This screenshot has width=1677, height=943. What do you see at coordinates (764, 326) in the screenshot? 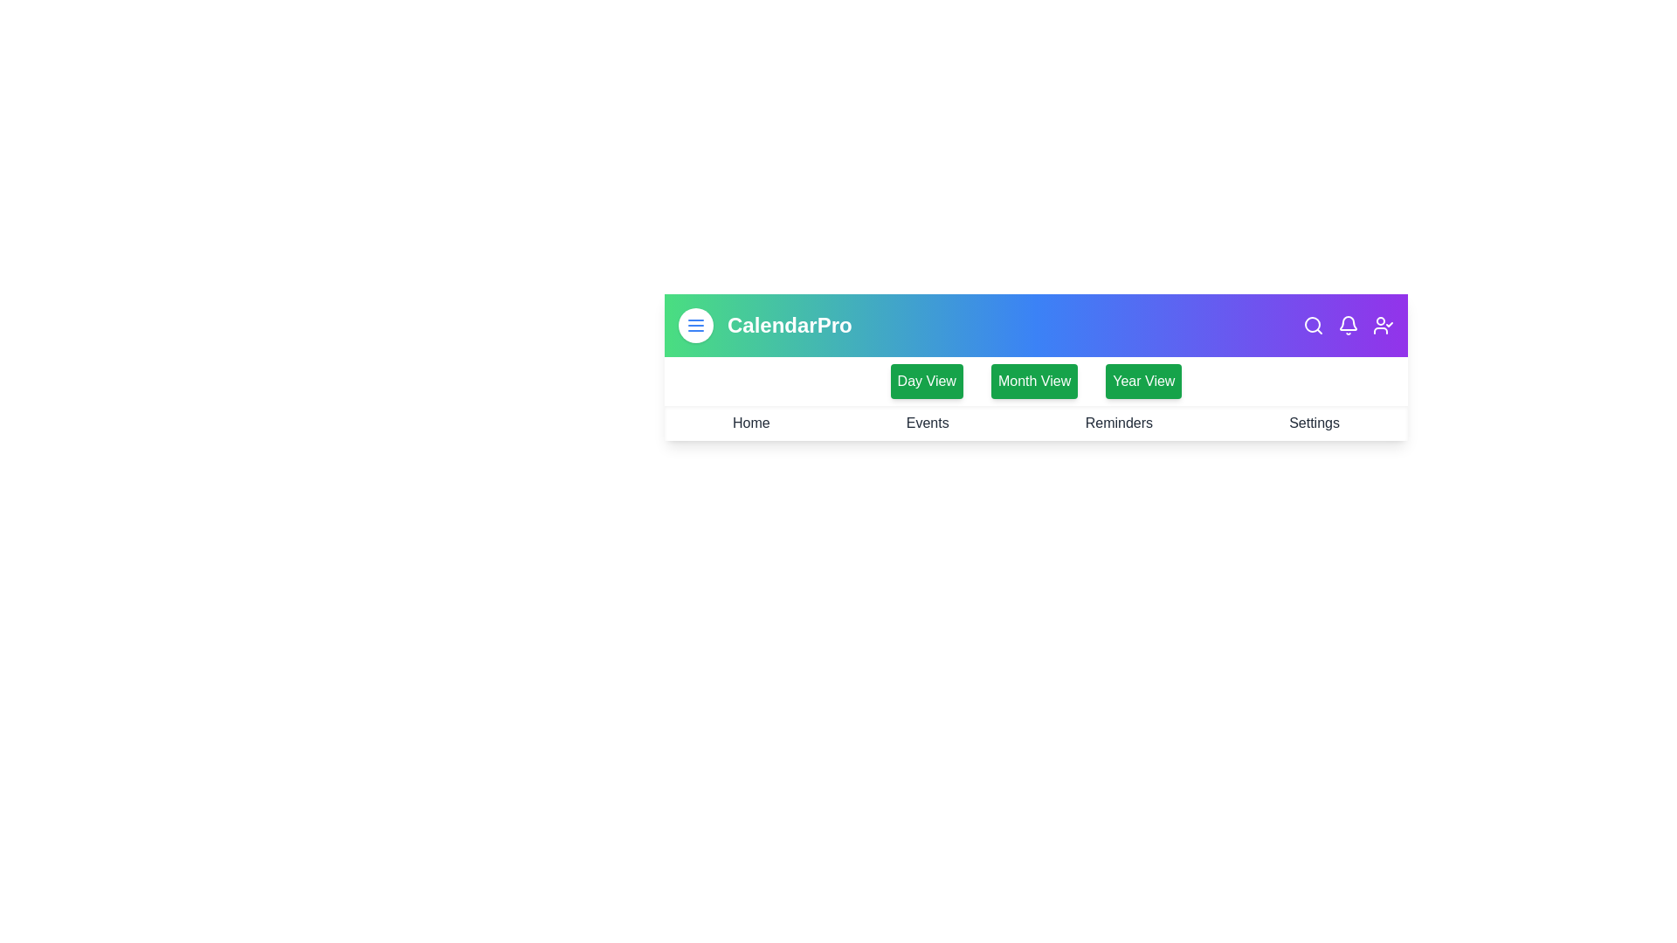
I see `the CalendarPro logo or text to navigate` at bounding box center [764, 326].